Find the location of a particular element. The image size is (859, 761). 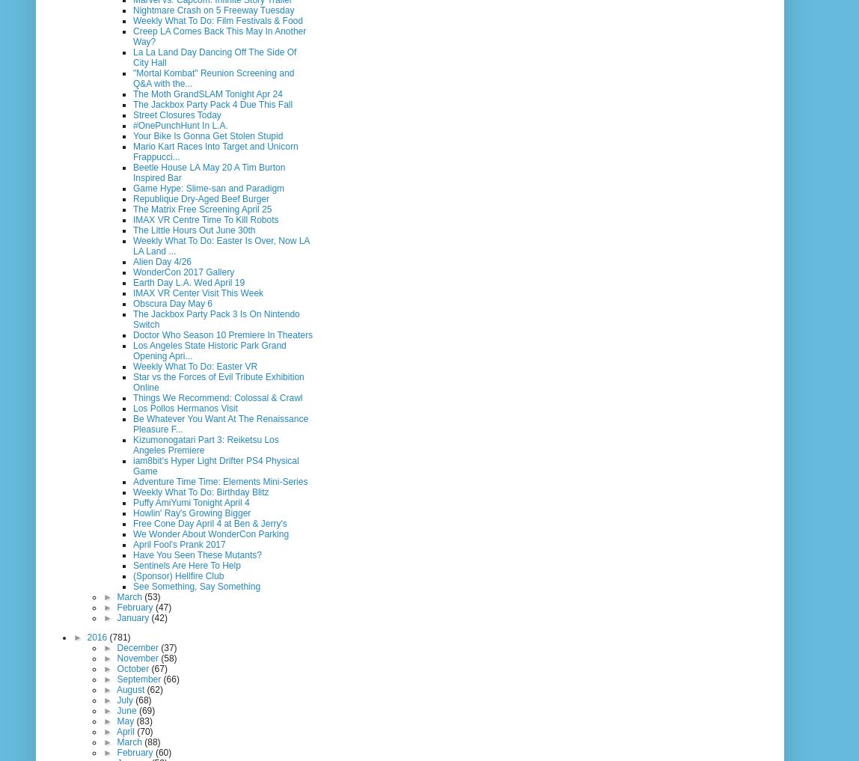

'December' is located at coordinates (117, 647).